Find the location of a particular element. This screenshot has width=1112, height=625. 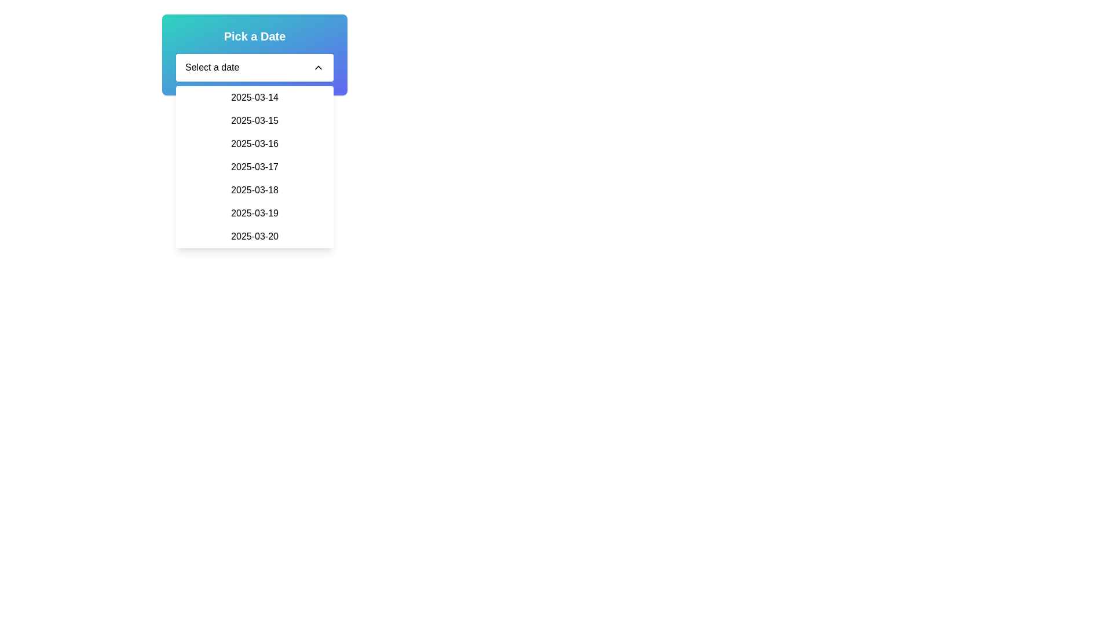

the fourth date entry in the dropdown menu of the 'Pick a Date' interface is located at coordinates (254, 167).